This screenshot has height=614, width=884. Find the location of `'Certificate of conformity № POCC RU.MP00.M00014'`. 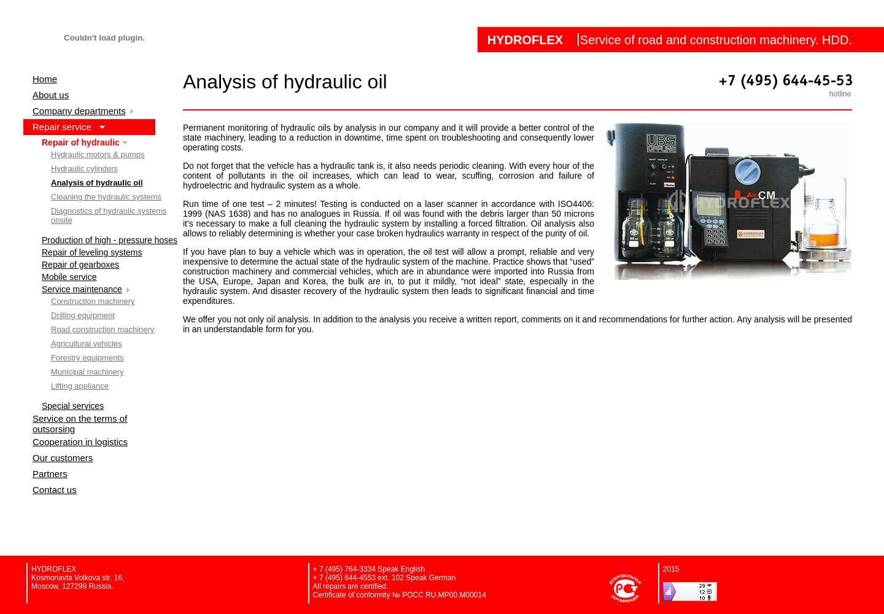

'Certificate of conformity № POCC RU.MP00.M00014' is located at coordinates (398, 594).